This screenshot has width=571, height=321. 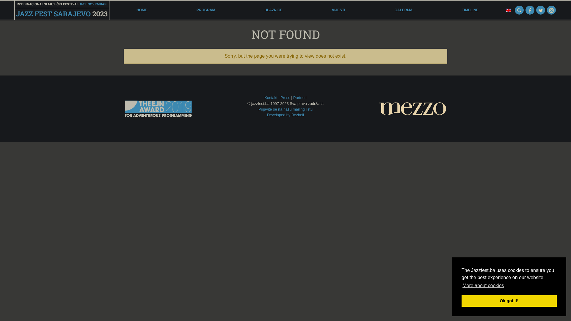 What do you see at coordinates (273, 10) in the screenshot?
I see `'ULAZNICE'` at bounding box center [273, 10].